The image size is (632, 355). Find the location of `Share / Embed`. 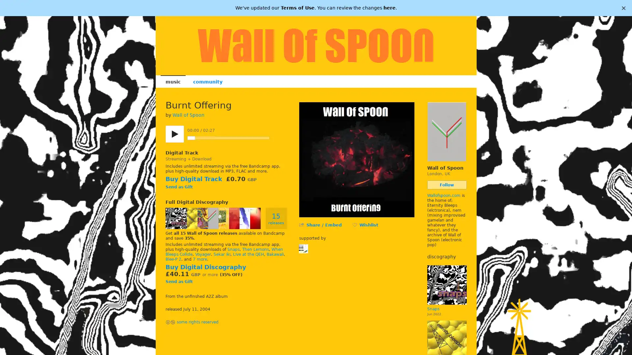

Share / Embed is located at coordinates (324, 225).